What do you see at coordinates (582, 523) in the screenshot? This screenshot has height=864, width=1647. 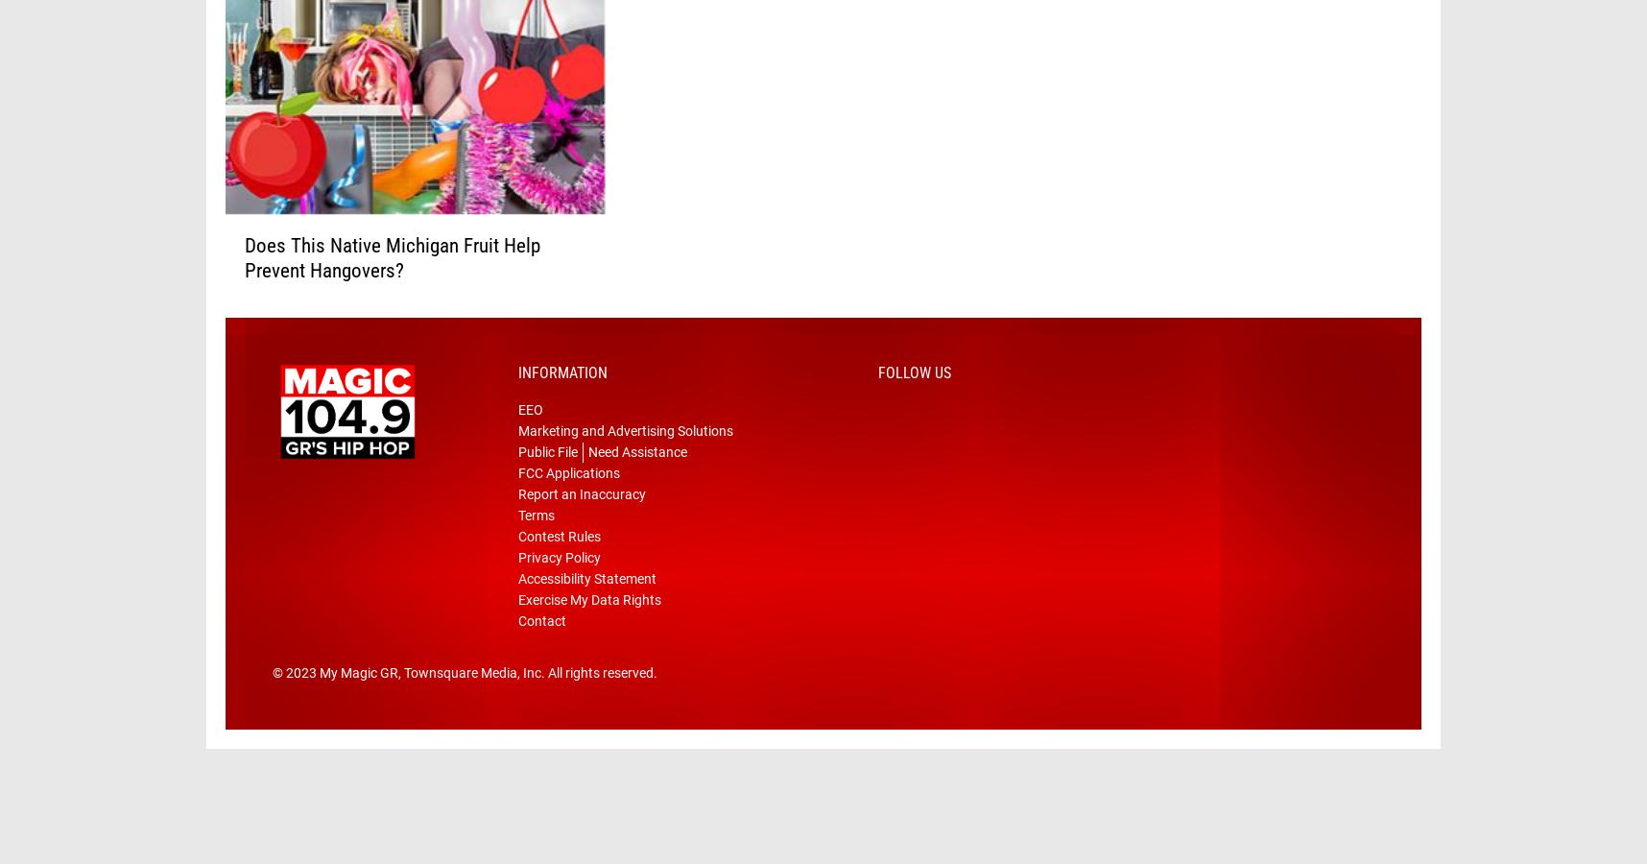 I see `'Report an Inaccuracy'` at bounding box center [582, 523].